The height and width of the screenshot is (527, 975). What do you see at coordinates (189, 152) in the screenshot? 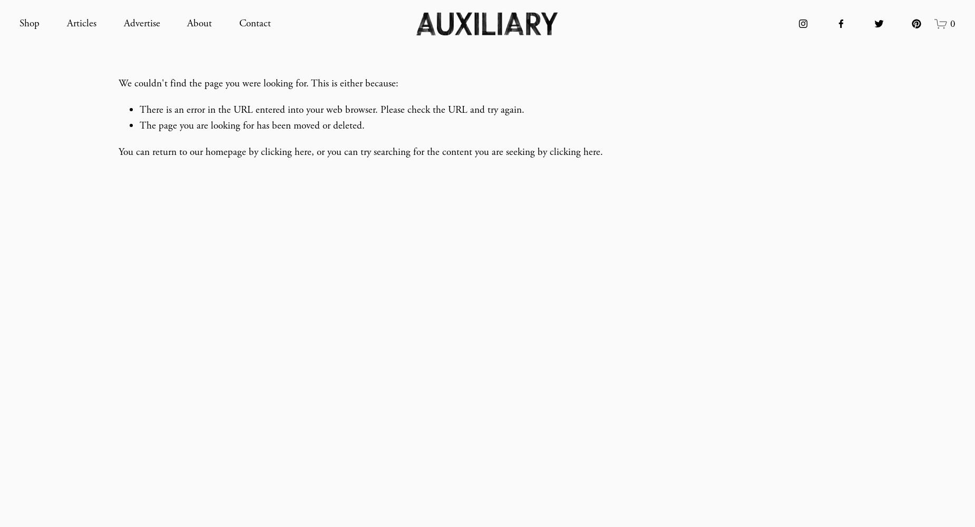
I see `'You can return to our homepage by'` at bounding box center [189, 152].